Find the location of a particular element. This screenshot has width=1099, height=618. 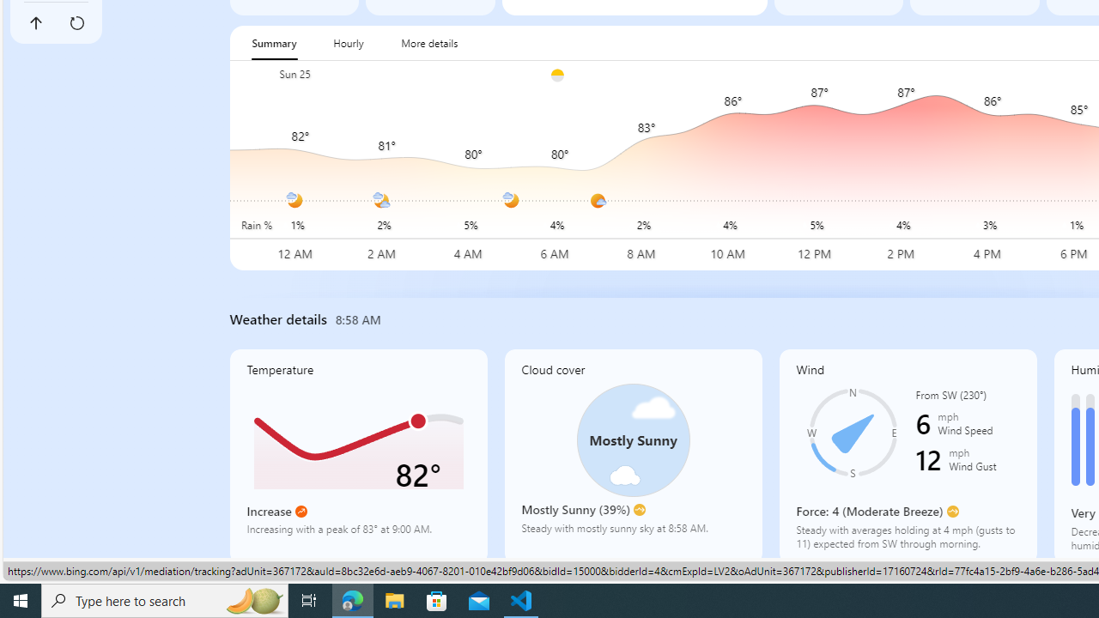

'Temperature' is located at coordinates (357, 455).